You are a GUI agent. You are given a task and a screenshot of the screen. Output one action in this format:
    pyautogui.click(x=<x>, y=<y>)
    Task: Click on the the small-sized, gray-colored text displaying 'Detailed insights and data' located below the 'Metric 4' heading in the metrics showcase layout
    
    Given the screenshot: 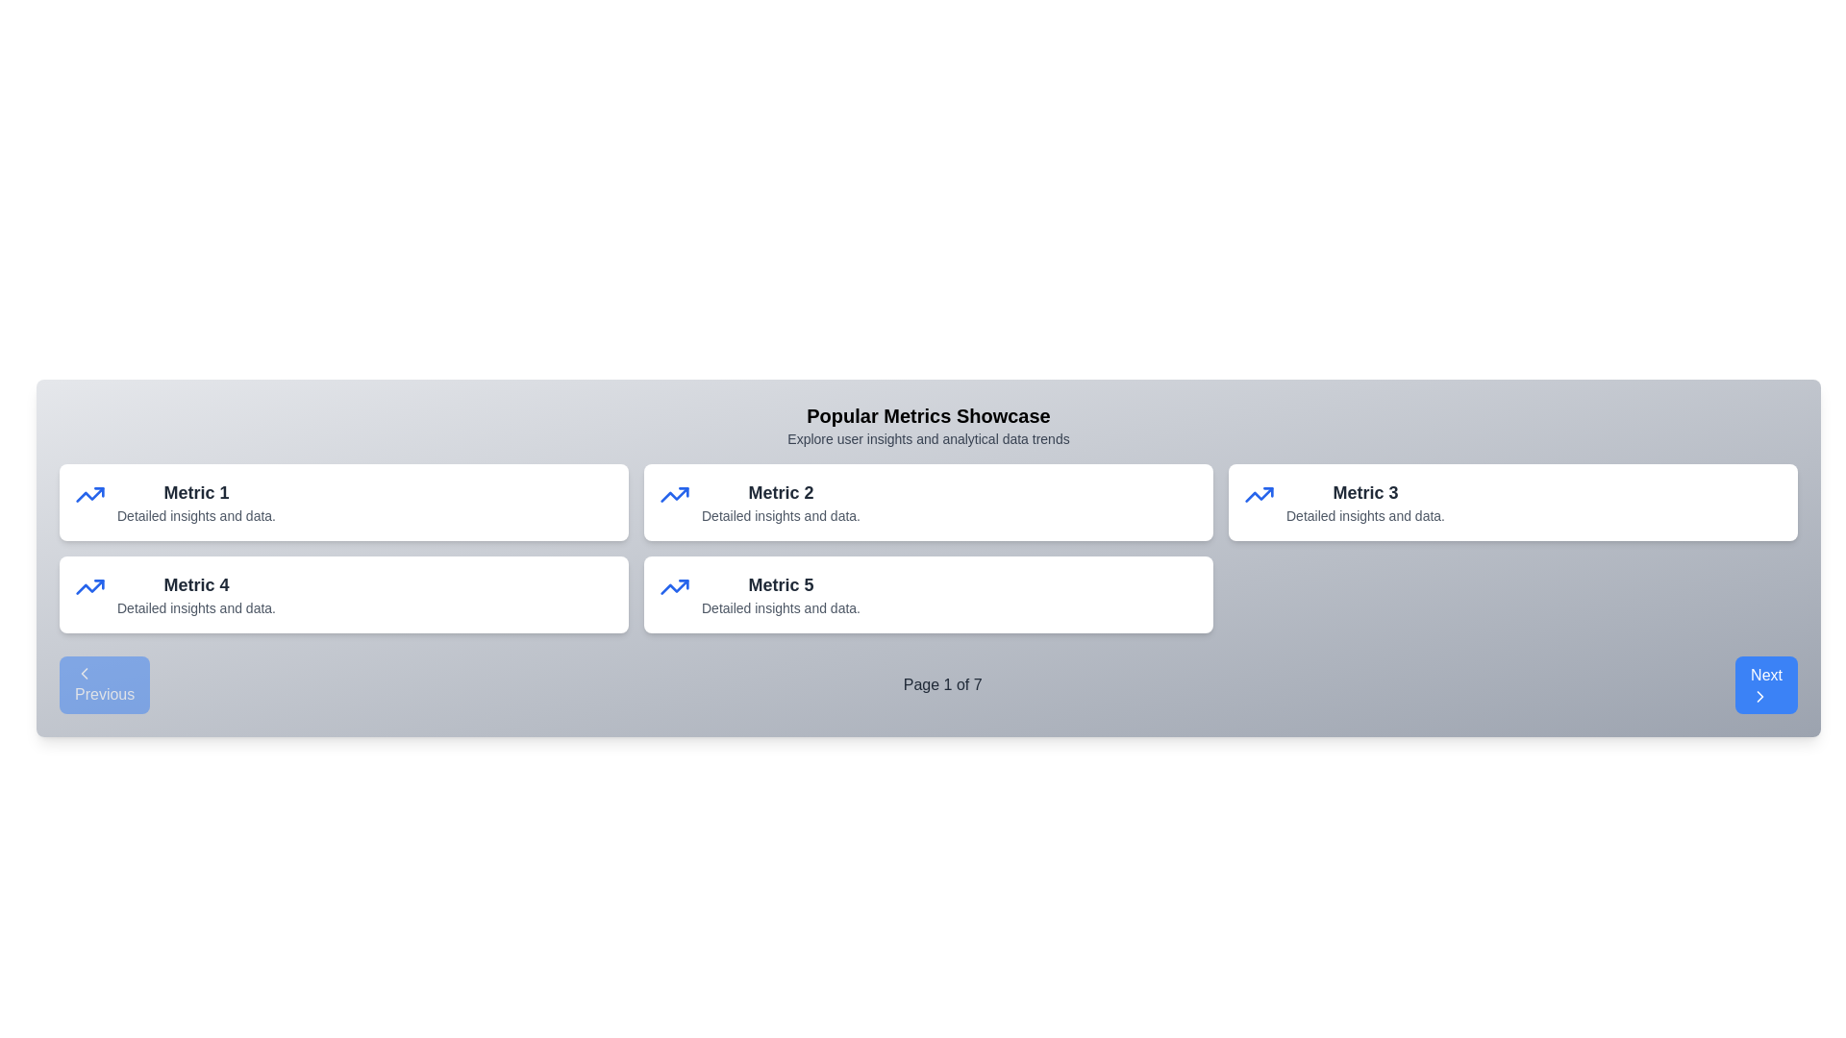 What is the action you would take?
    pyautogui.click(x=196, y=607)
    